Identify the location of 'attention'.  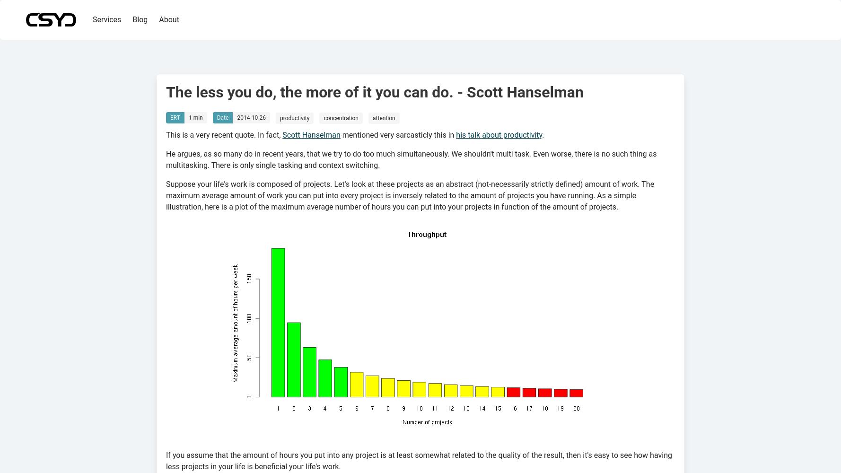
(384, 118).